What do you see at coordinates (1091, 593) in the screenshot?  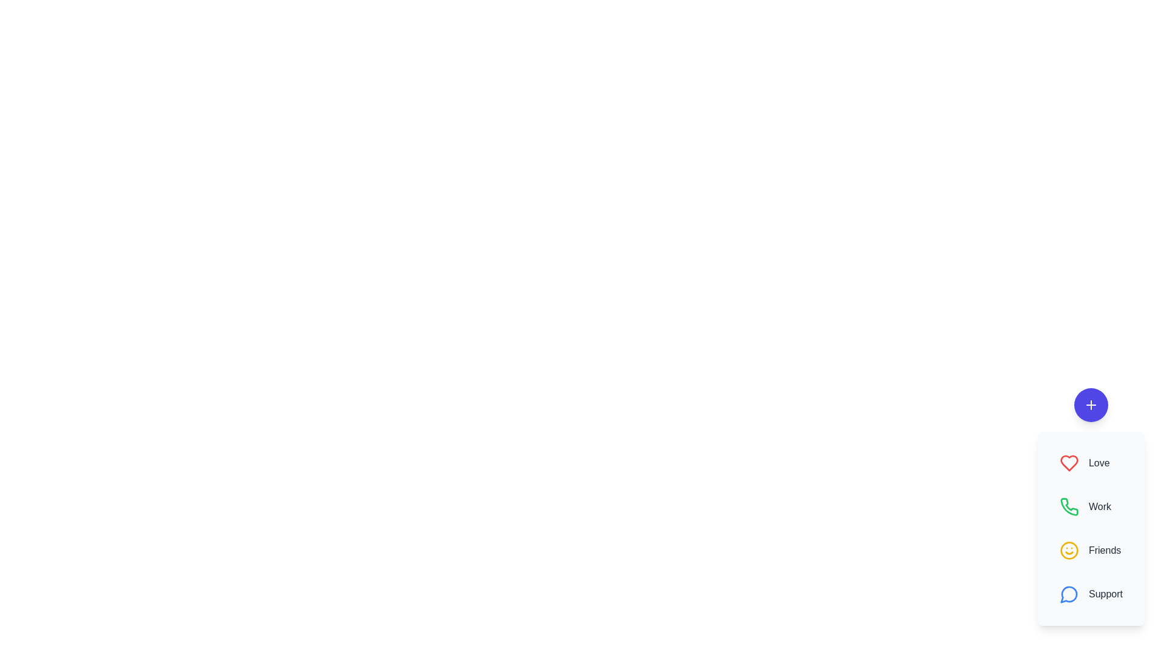 I see `the contact Support from the speed dial menu` at bounding box center [1091, 593].